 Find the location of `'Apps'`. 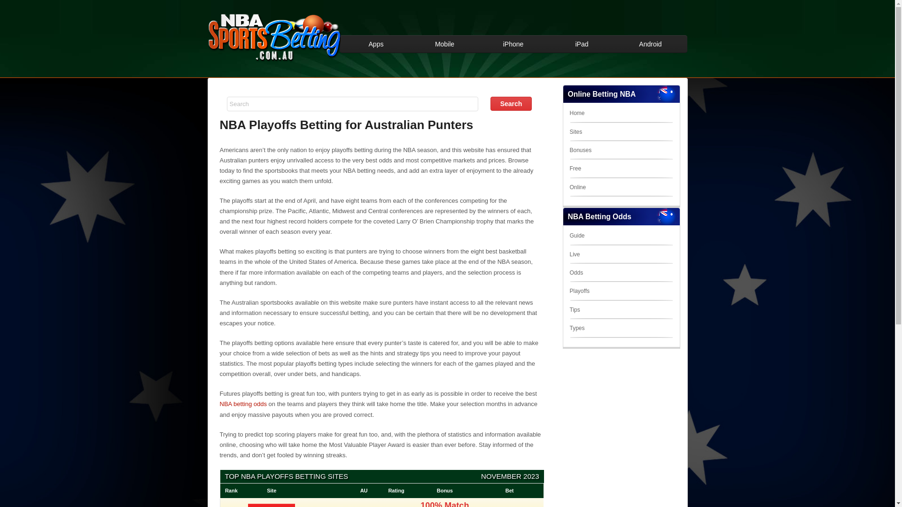

'Apps' is located at coordinates (376, 44).